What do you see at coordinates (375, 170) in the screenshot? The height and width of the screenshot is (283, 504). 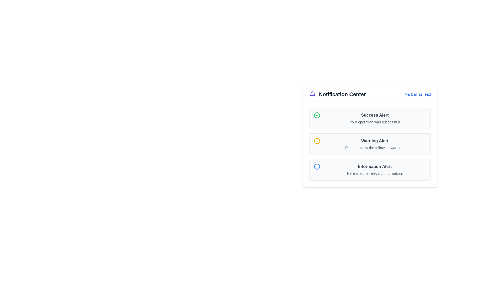 I see `information from the text block containing the heading 'Information Alert' and subtext 'Here is some relevant information.'` at bounding box center [375, 170].